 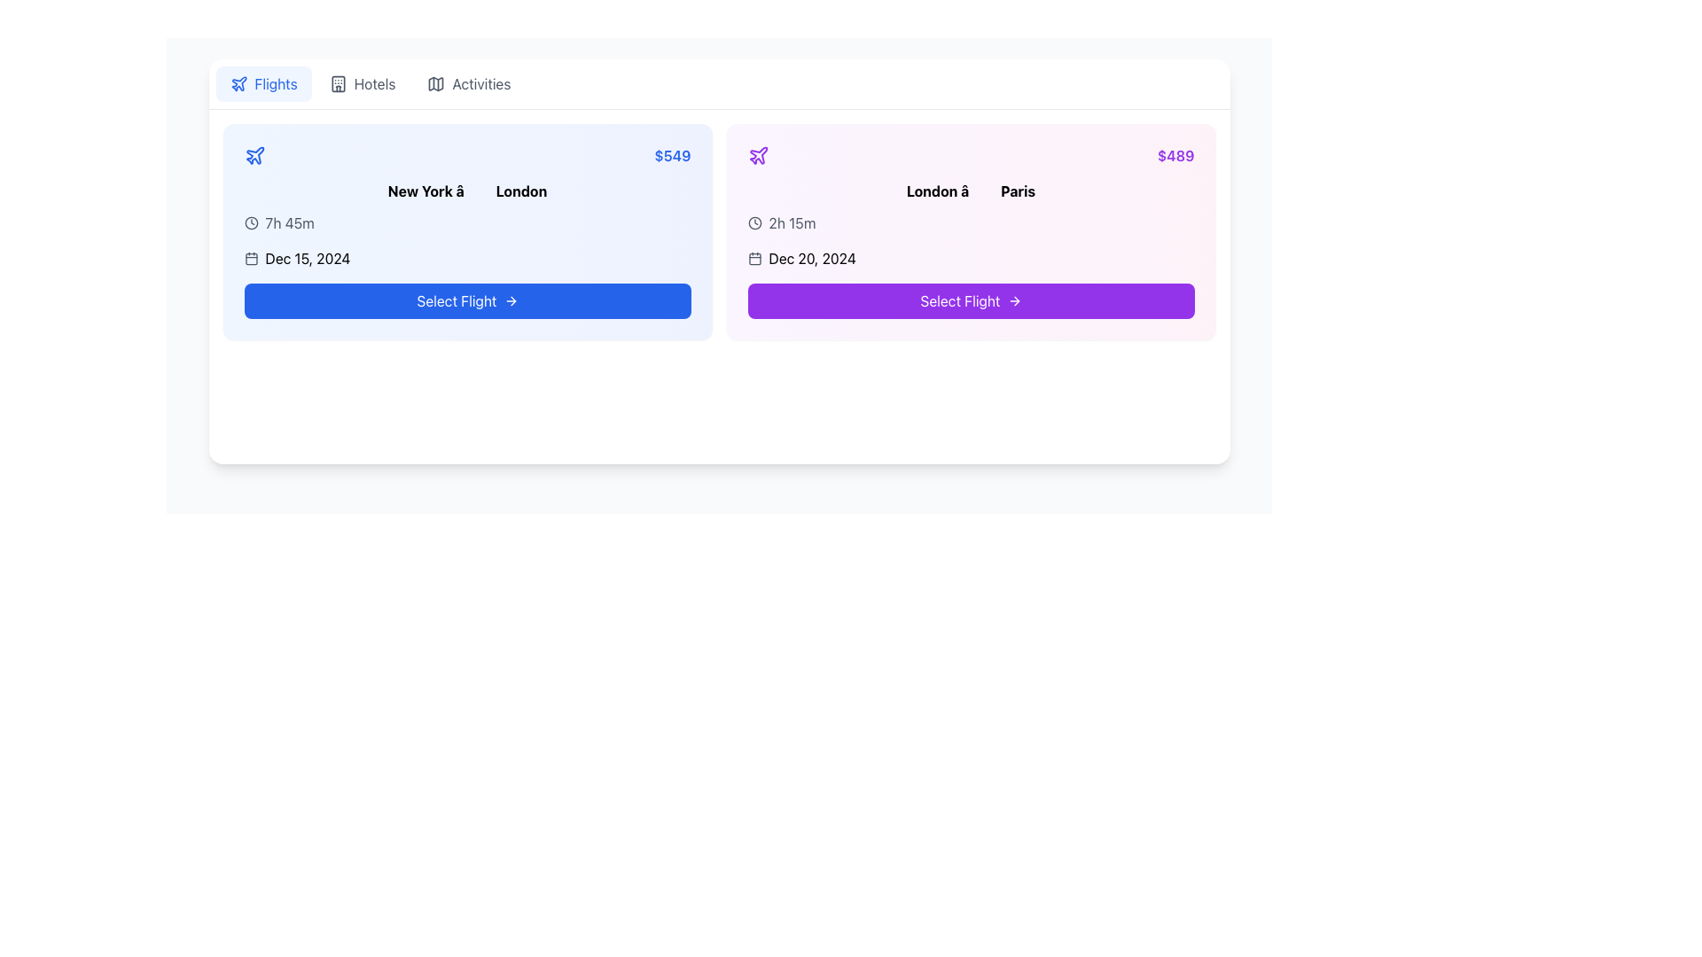 What do you see at coordinates (754, 259) in the screenshot?
I see `the visual representation of the calendar icon located to the left of the text 'Dec 20, 2024' in the flight details card for the route 'London â Paris'` at bounding box center [754, 259].